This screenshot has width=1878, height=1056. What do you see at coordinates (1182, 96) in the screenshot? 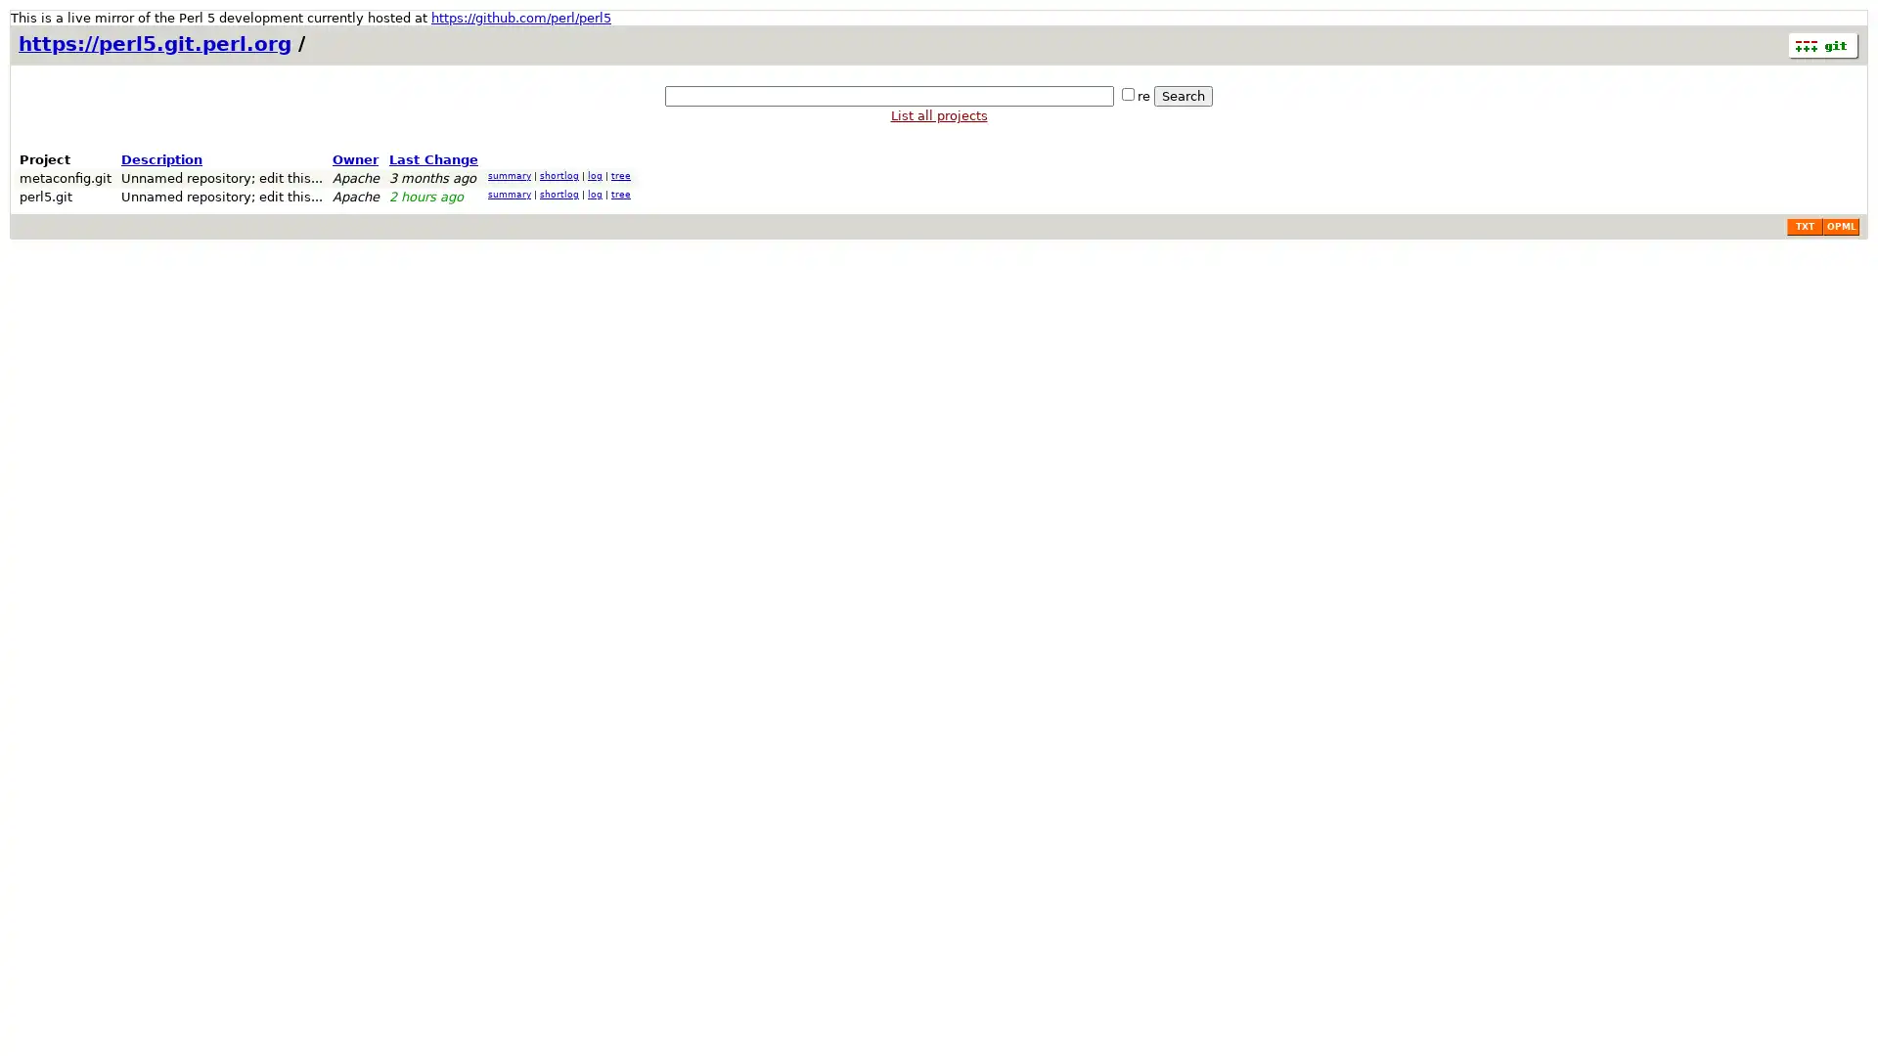
I see `Search` at bounding box center [1182, 96].